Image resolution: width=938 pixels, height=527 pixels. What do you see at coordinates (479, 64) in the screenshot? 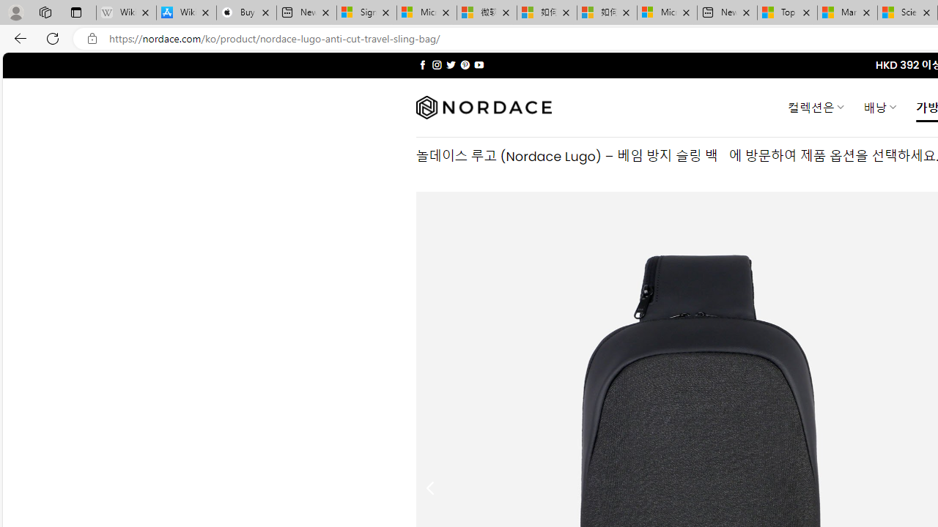
I see `'Follow on YouTube'` at bounding box center [479, 64].